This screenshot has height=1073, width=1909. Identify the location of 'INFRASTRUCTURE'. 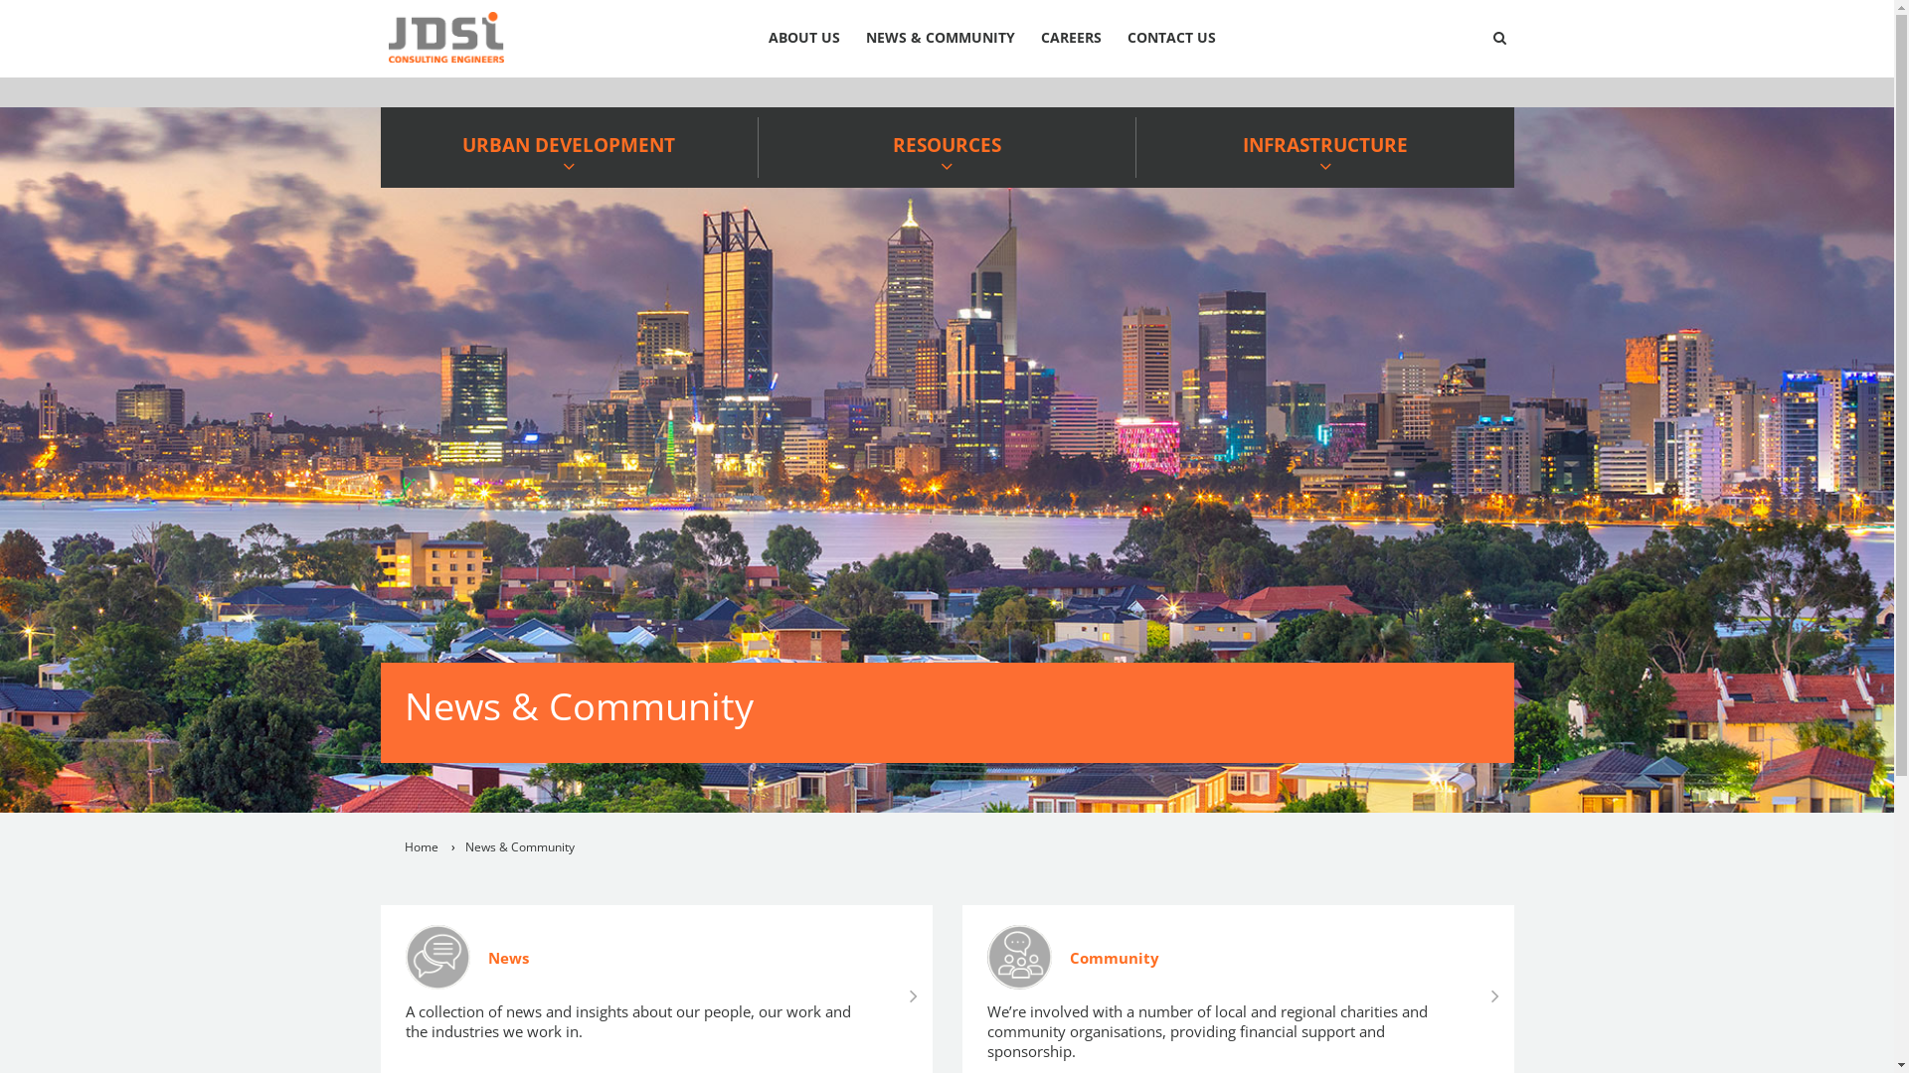
(1324, 146).